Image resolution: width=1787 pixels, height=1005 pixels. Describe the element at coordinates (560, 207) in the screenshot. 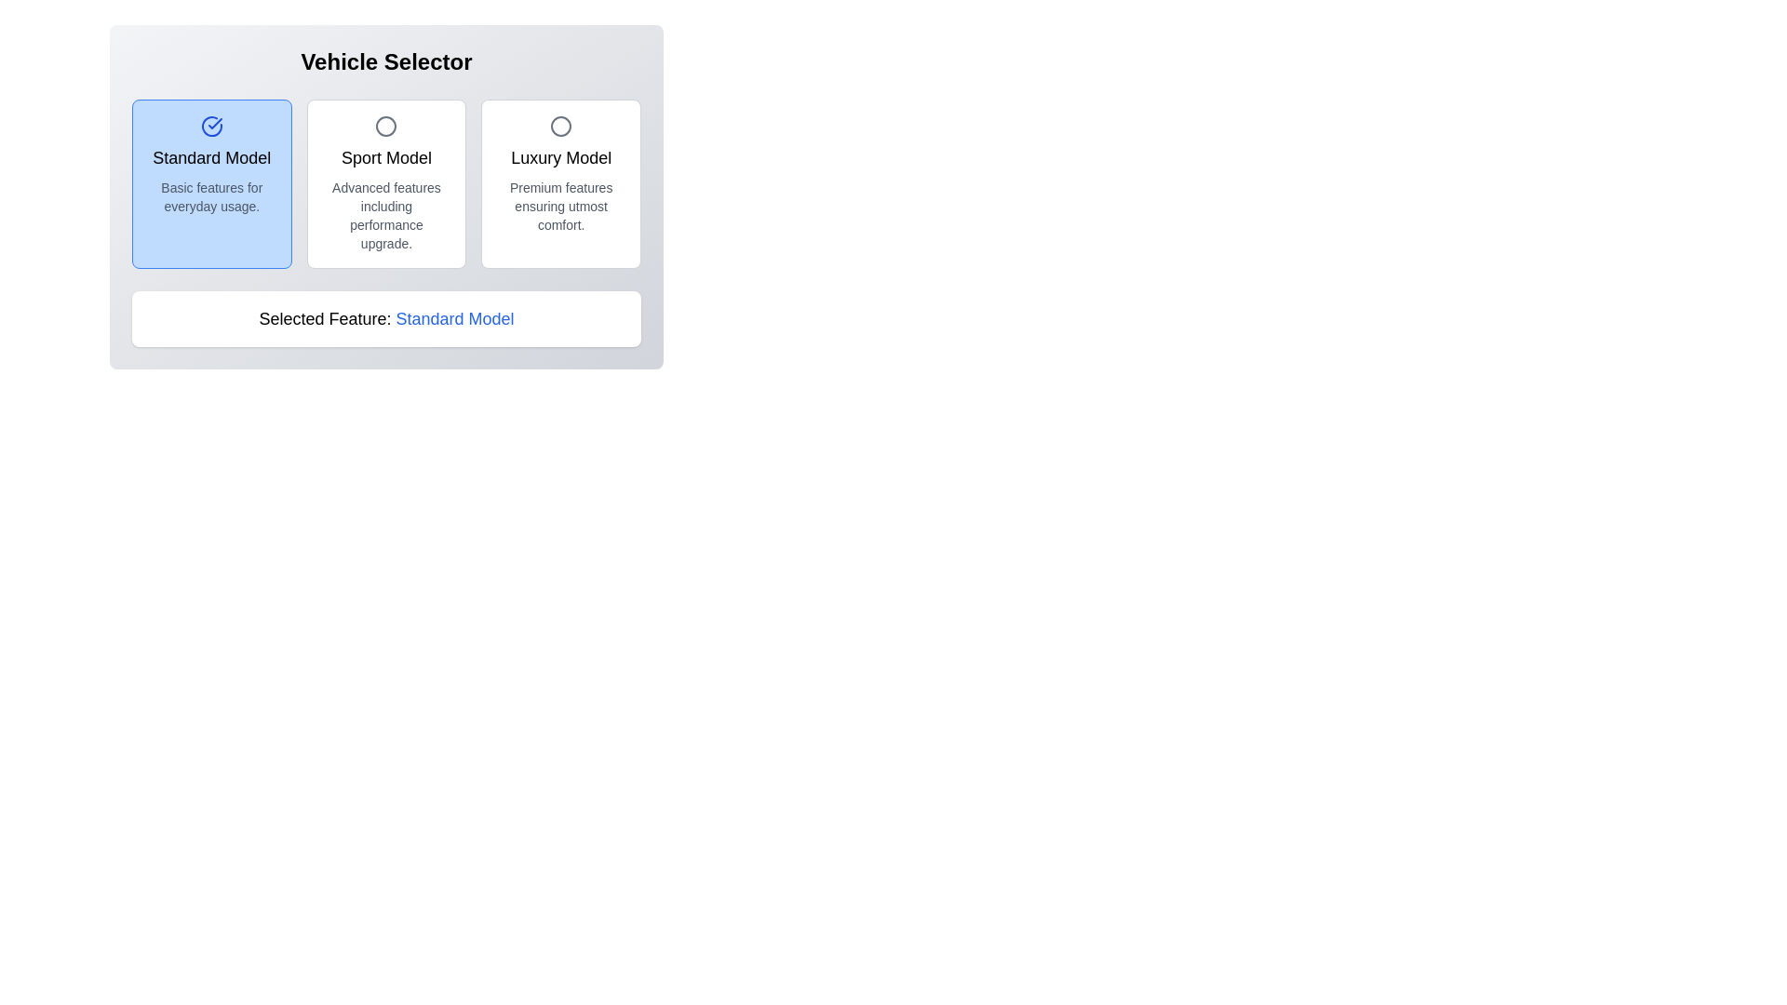

I see `the text label reading 'Premium features ensuring utmost comfort.' located beneath the 'Luxury Model' title in the 'Luxury Model' selection card` at that location.